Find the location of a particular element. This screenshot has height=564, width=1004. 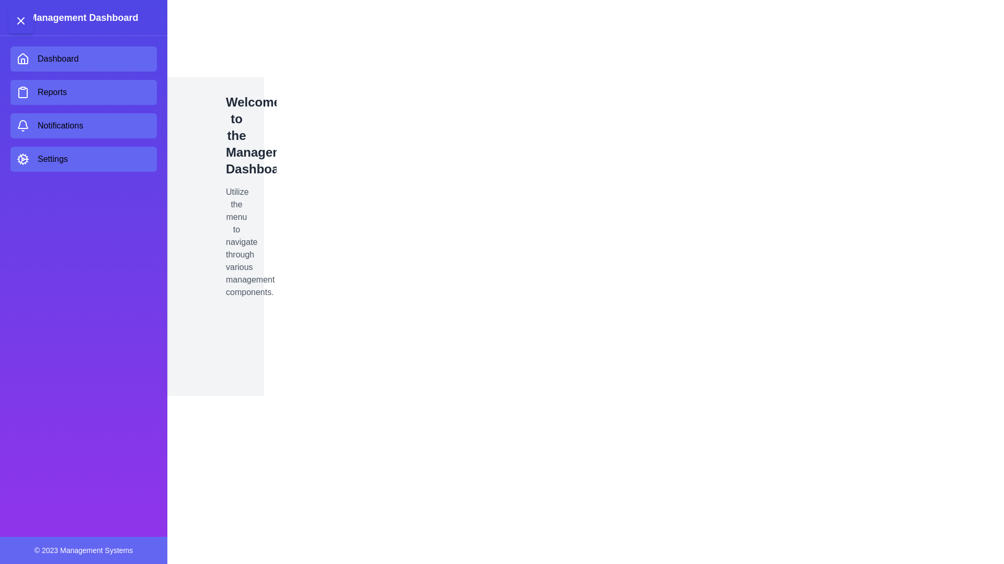

the notification icon located within the 'Notifications' button in the vertical navigation menu, positioned third from the top and to the left of the 'Notifications' text label is located at coordinates (22, 125).